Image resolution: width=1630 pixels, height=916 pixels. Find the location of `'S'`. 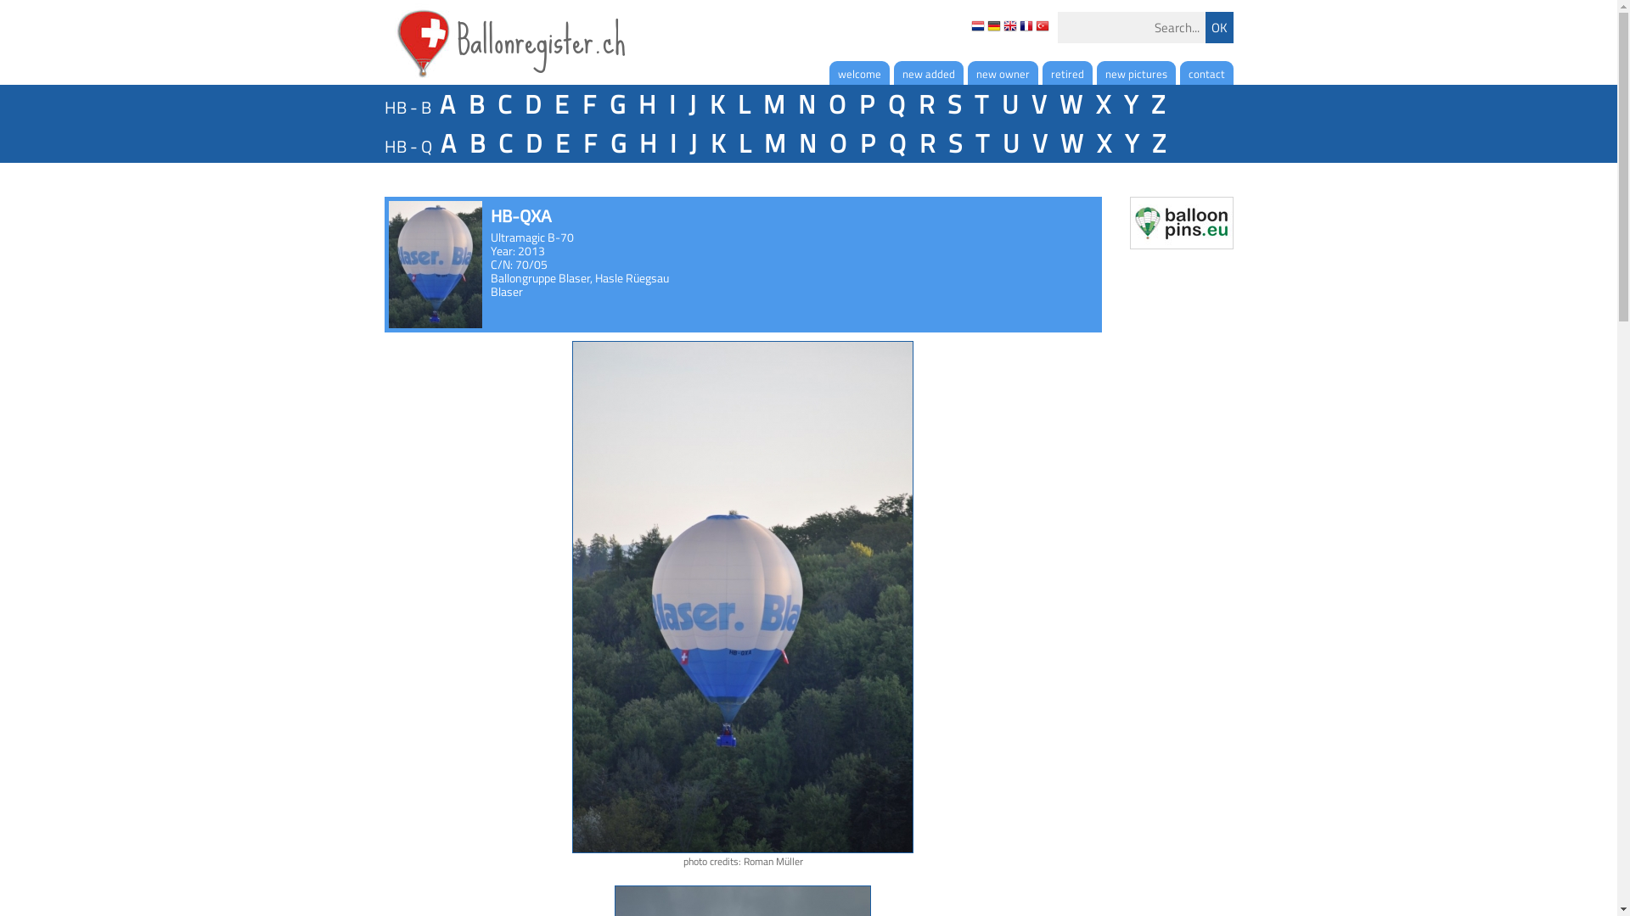

'S' is located at coordinates (953, 104).